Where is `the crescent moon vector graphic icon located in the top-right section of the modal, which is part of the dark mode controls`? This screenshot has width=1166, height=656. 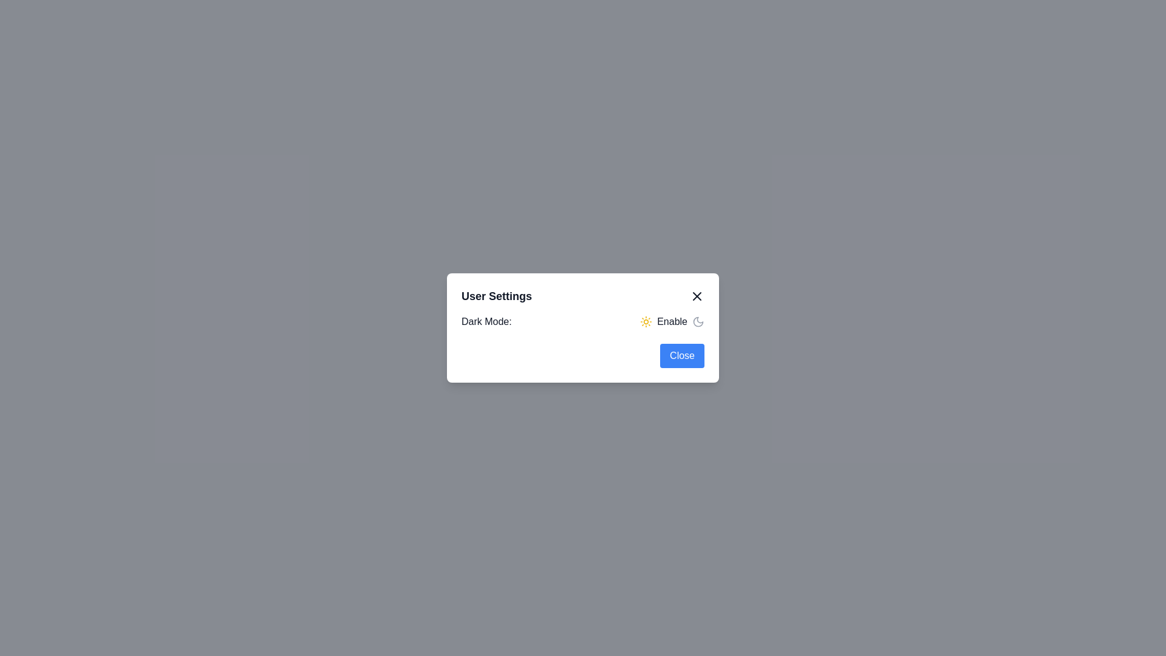
the crescent moon vector graphic icon located in the top-right section of the modal, which is part of the dark mode controls is located at coordinates (698, 321).